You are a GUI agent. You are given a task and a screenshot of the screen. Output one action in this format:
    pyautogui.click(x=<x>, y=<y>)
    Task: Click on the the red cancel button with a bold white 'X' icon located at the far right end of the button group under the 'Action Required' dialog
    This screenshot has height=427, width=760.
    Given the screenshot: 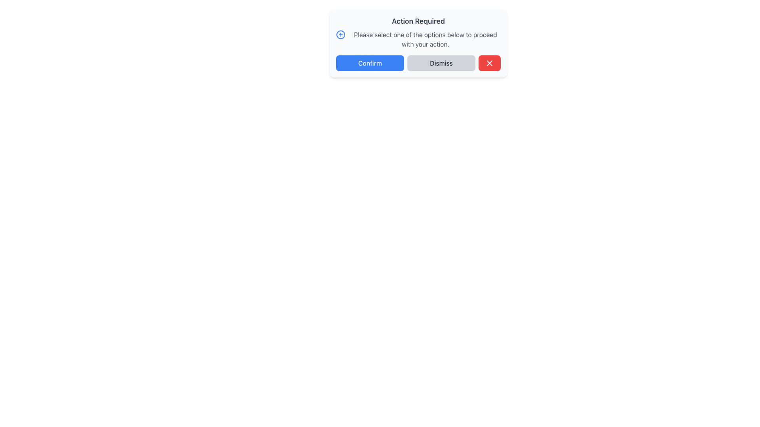 What is the action you would take?
    pyautogui.click(x=489, y=62)
    